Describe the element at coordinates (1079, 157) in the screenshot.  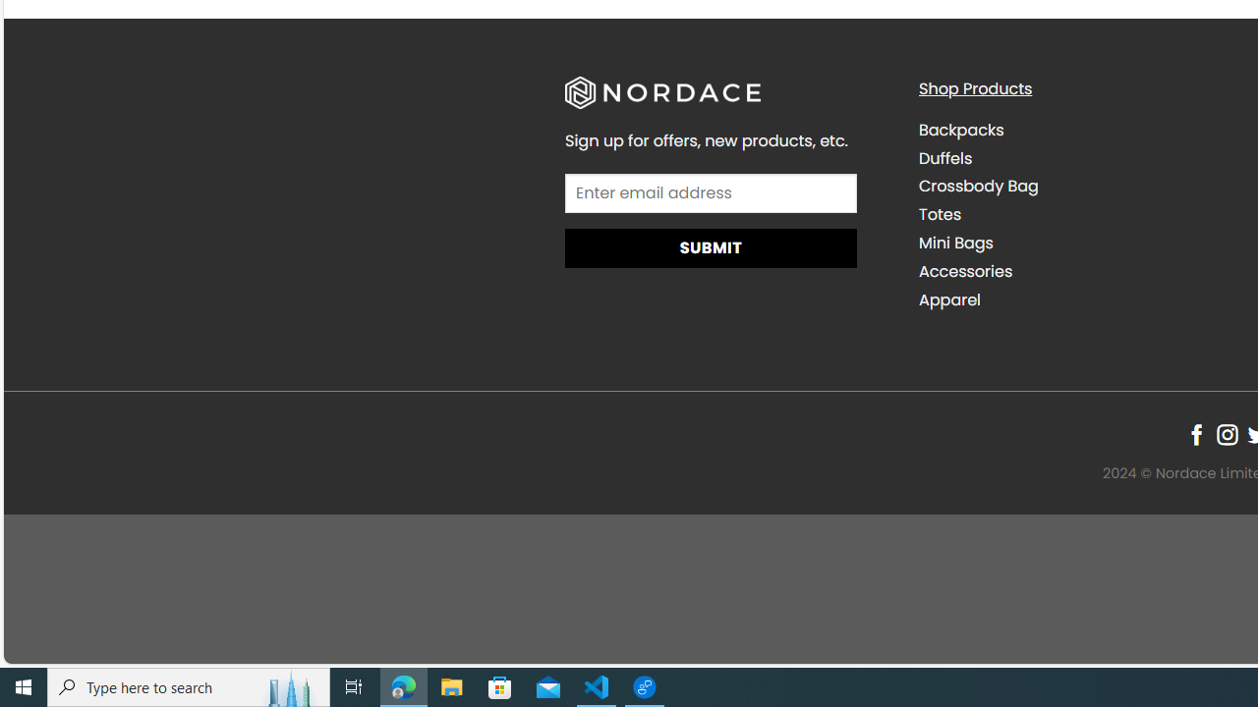
I see `'Duffels'` at that location.